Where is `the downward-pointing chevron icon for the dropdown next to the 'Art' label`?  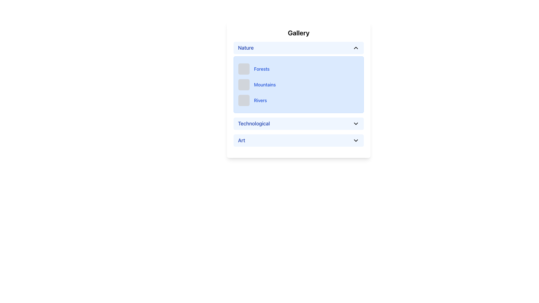 the downward-pointing chevron icon for the dropdown next to the 'Art' label is located at coordinates (355, 140).